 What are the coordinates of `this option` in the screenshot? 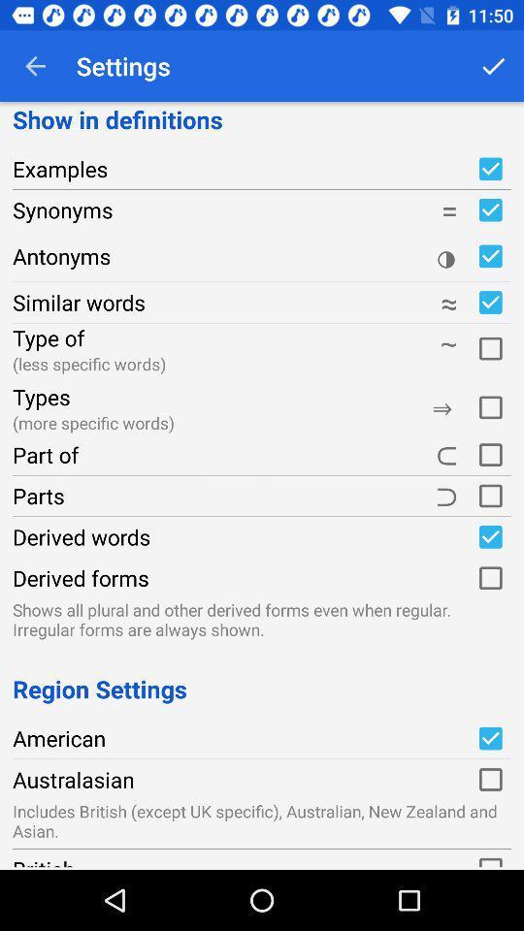 It's located at (489, 780).